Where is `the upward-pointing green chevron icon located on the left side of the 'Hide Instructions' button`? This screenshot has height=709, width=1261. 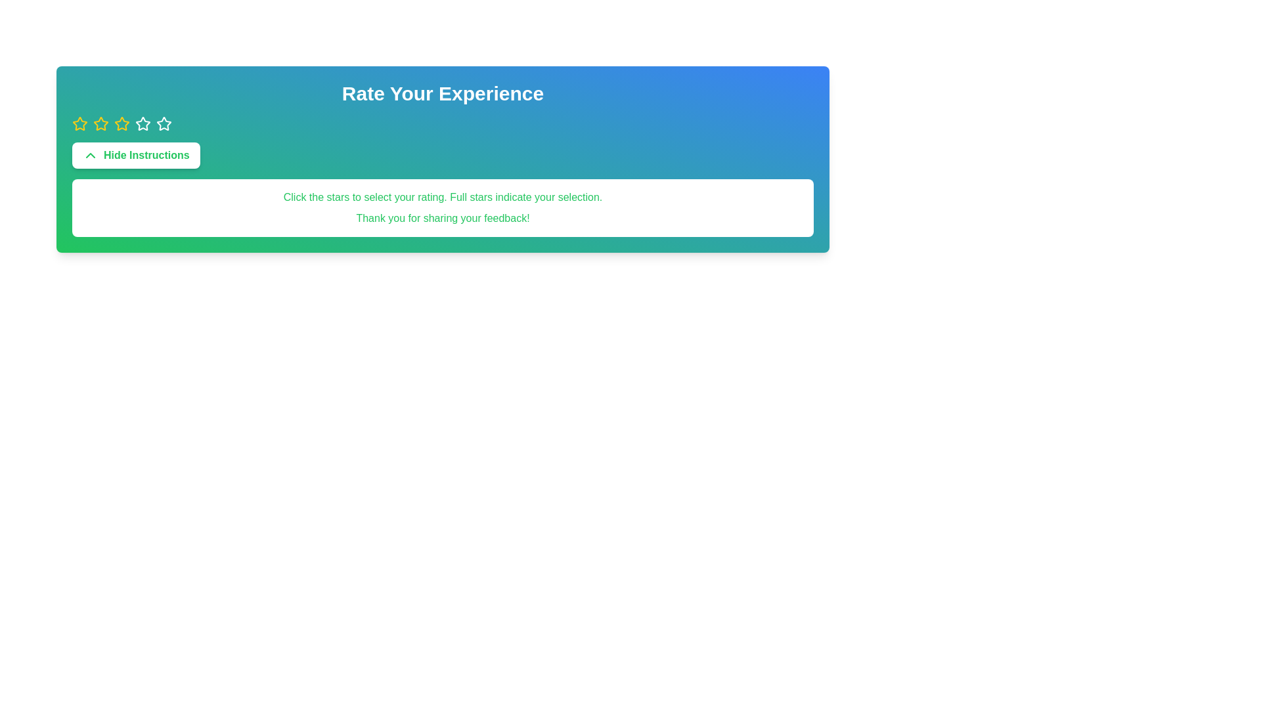 the upward-pointing green chevron icon located on the left side of the 'Hide Instructions' button is located at coordinates (90, 154).